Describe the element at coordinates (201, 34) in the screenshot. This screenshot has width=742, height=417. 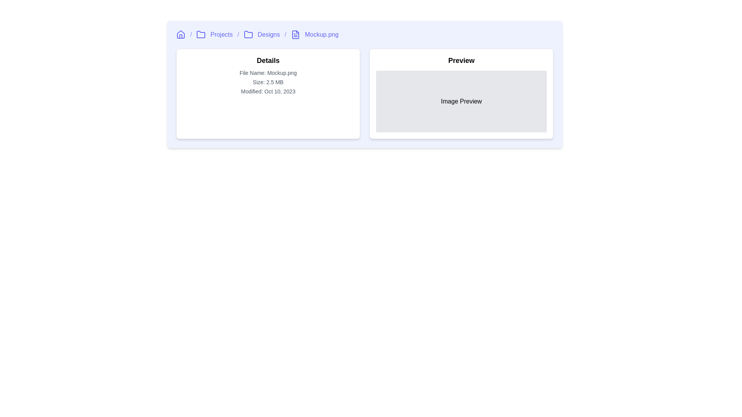
I see `the folder icon located in the breadcrumb navigation, which is the third item following a slash separator` at that location.